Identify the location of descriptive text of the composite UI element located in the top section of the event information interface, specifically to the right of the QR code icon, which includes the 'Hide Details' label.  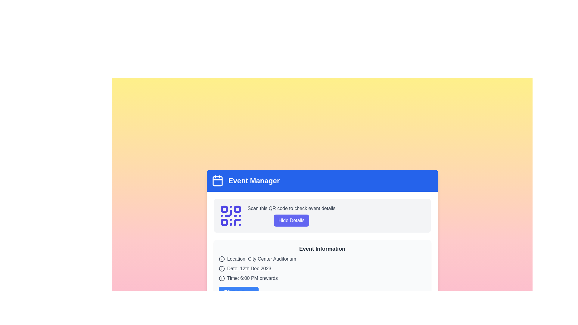
(291, 215).